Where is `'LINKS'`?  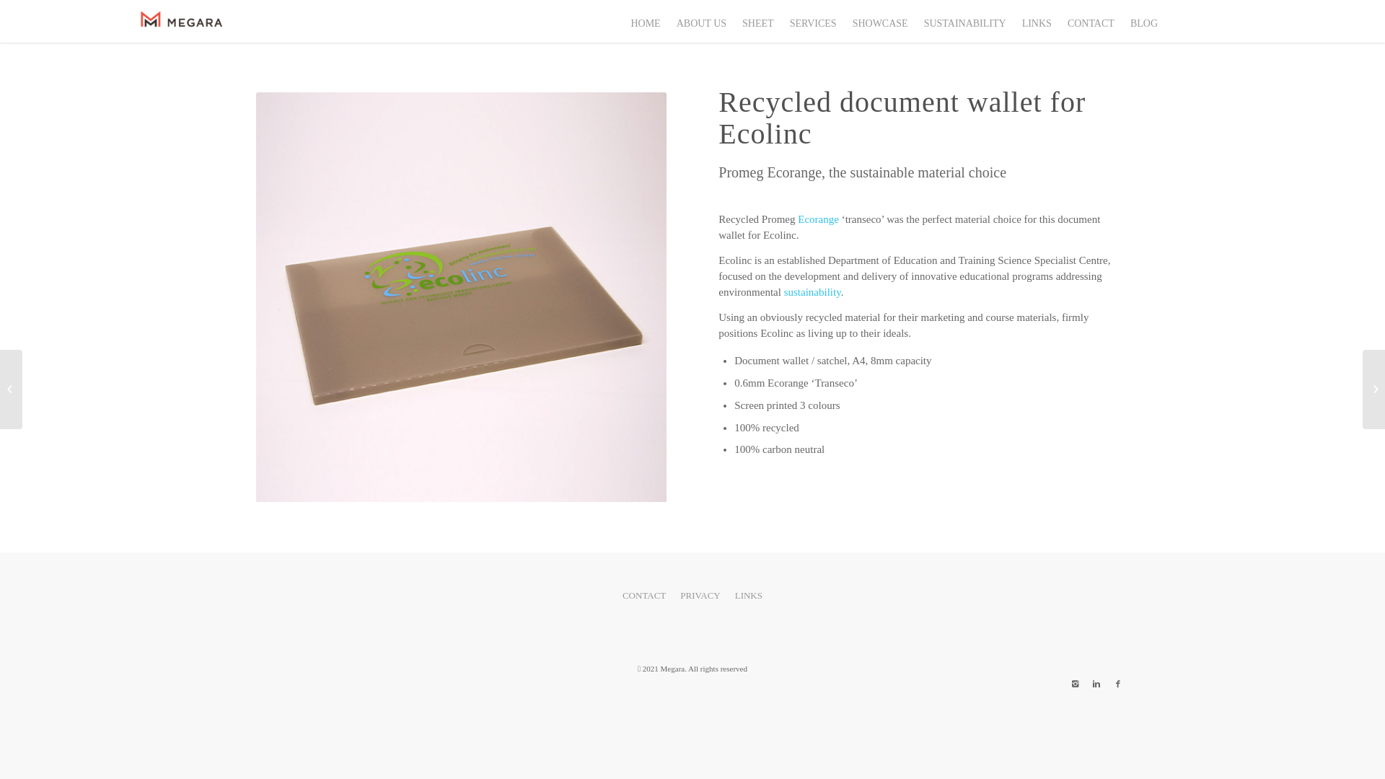 'LINKS' is located at coordinates (748, 596).